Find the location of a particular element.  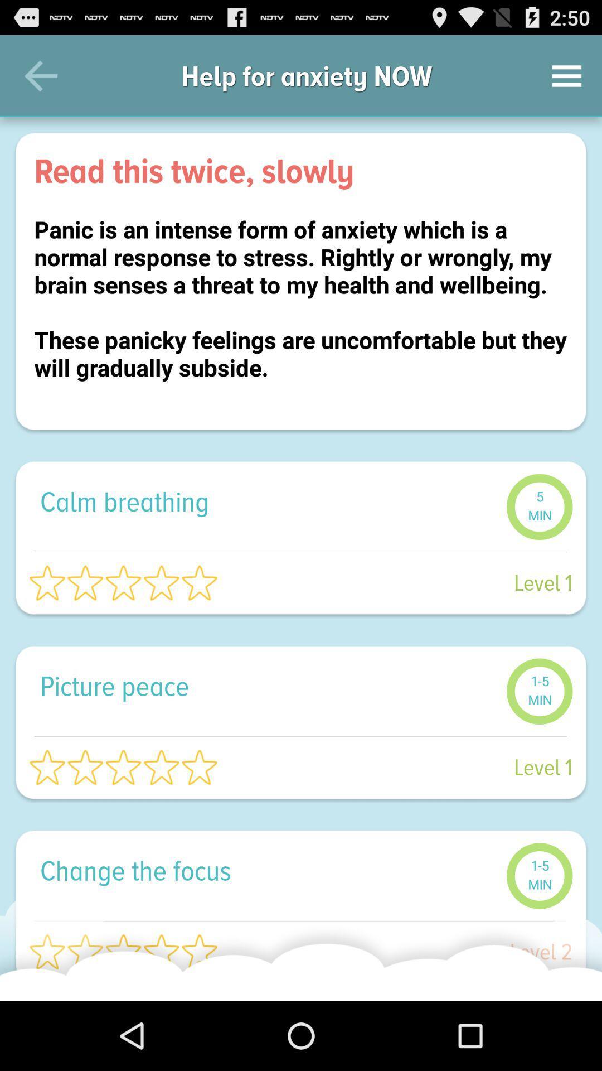

panic is an is located at coordinates (301, 312).